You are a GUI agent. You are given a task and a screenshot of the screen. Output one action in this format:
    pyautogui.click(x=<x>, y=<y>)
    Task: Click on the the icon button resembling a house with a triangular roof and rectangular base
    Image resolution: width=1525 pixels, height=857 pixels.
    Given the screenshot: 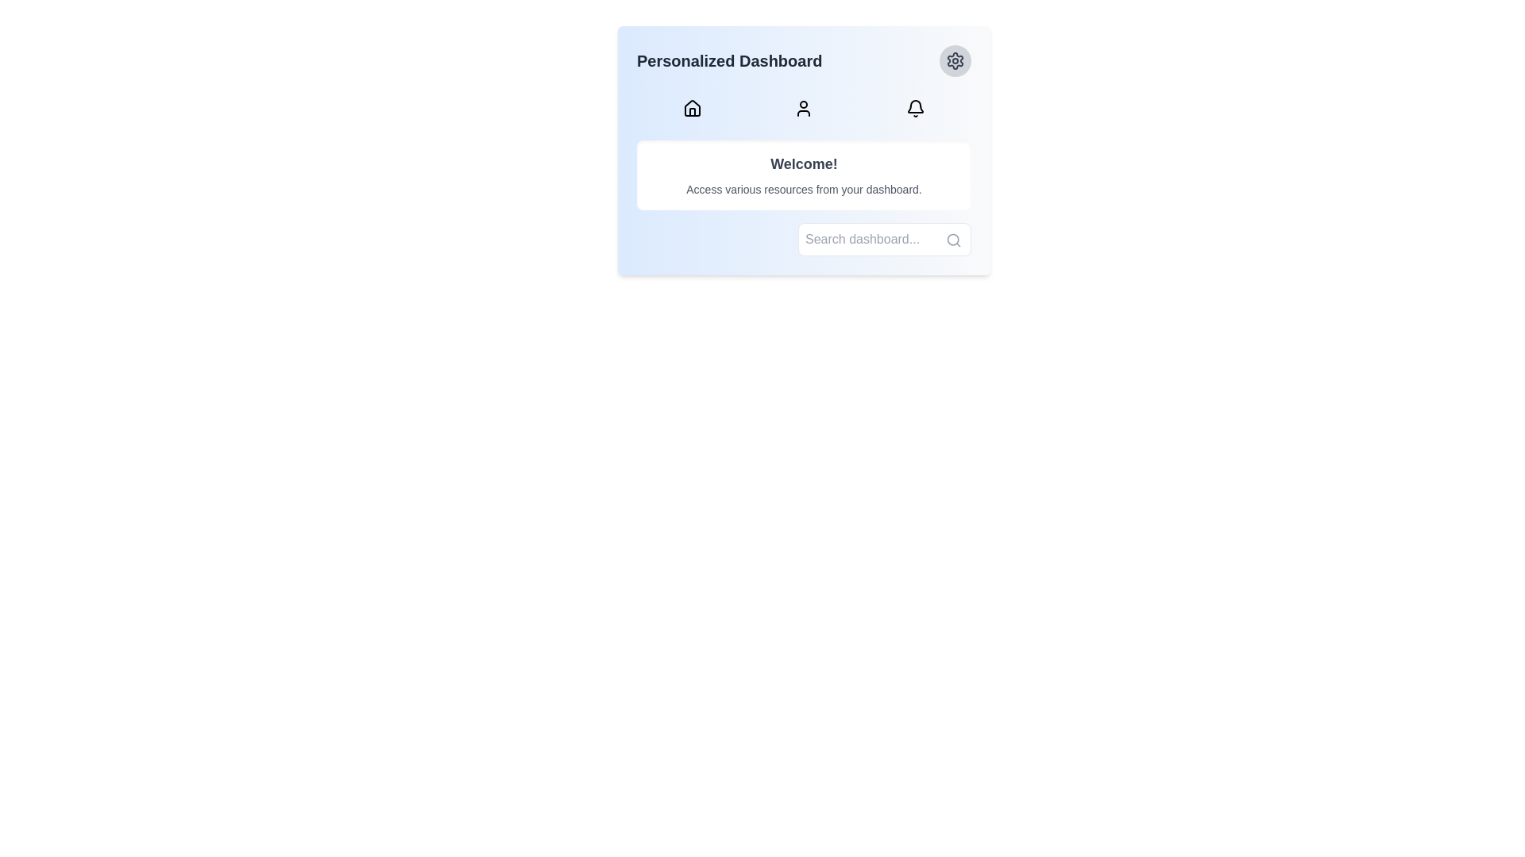 What is the action you would take?
    pyautogui.click(x=693, y=108)
    